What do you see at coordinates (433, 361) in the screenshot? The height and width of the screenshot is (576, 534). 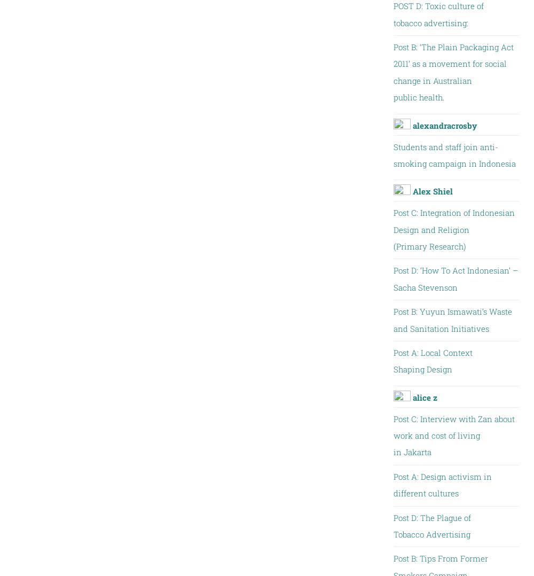 I see `'Post A: Local Context Shaping Design'` at bounding box center [433, 361].